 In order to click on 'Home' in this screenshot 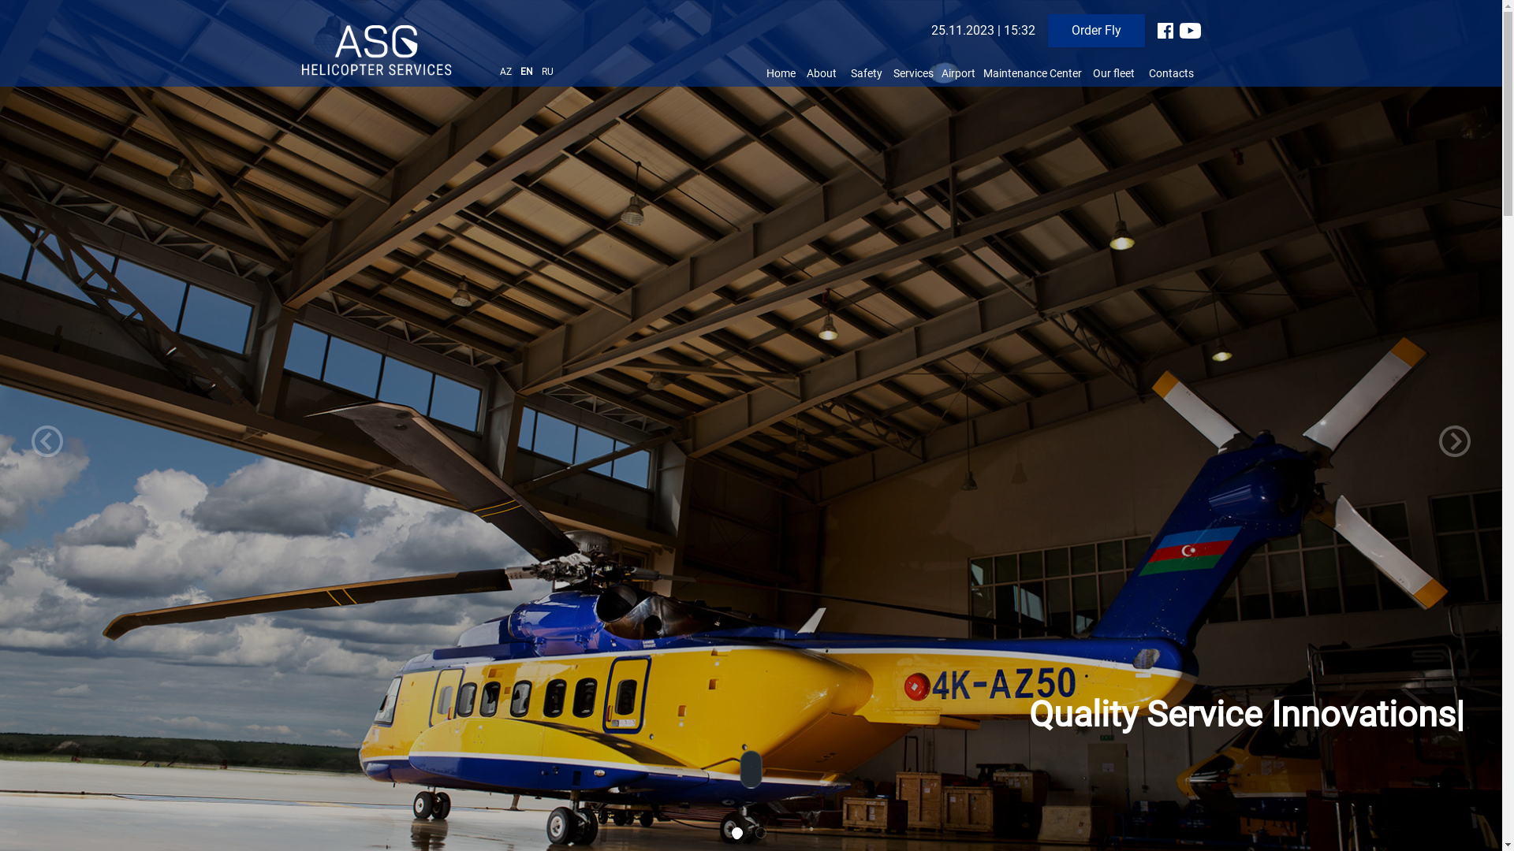, I will do `click(781, 72)`.